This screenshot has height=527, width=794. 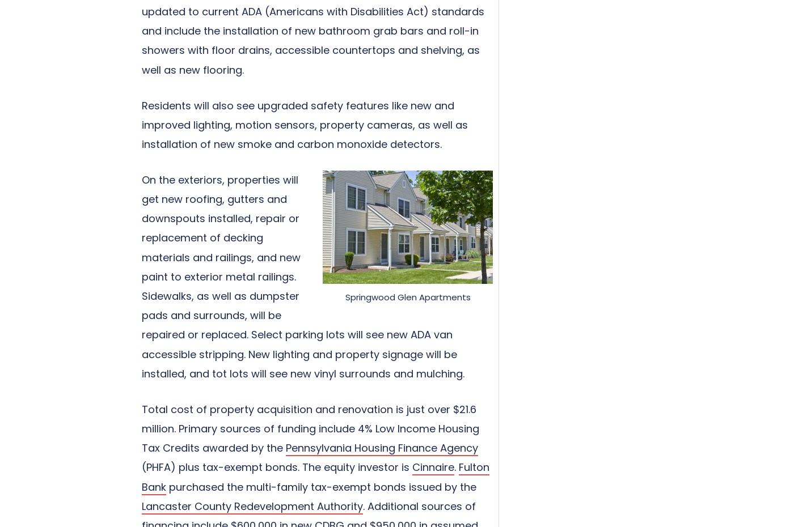 What do you see at coordinates (382, 447) in the screenshot?
I see `'Pennsylvania Housing Finance Agency'` at bounding box center [382, 447].